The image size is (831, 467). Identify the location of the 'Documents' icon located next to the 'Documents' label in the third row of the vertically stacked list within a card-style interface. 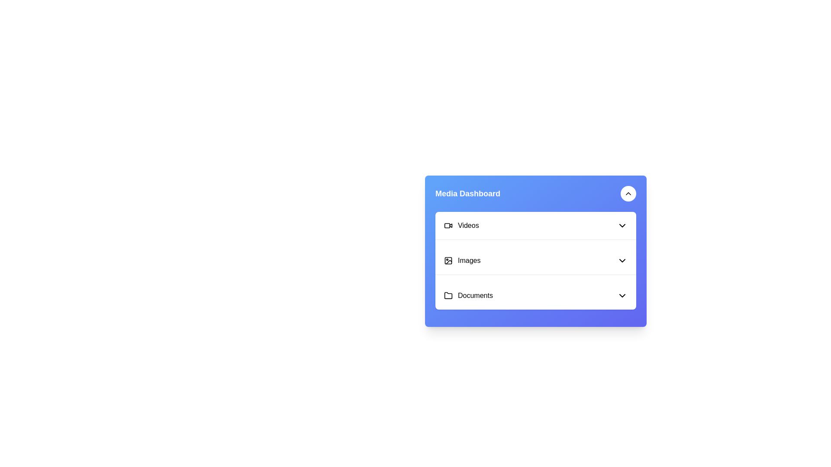
(448, 294).